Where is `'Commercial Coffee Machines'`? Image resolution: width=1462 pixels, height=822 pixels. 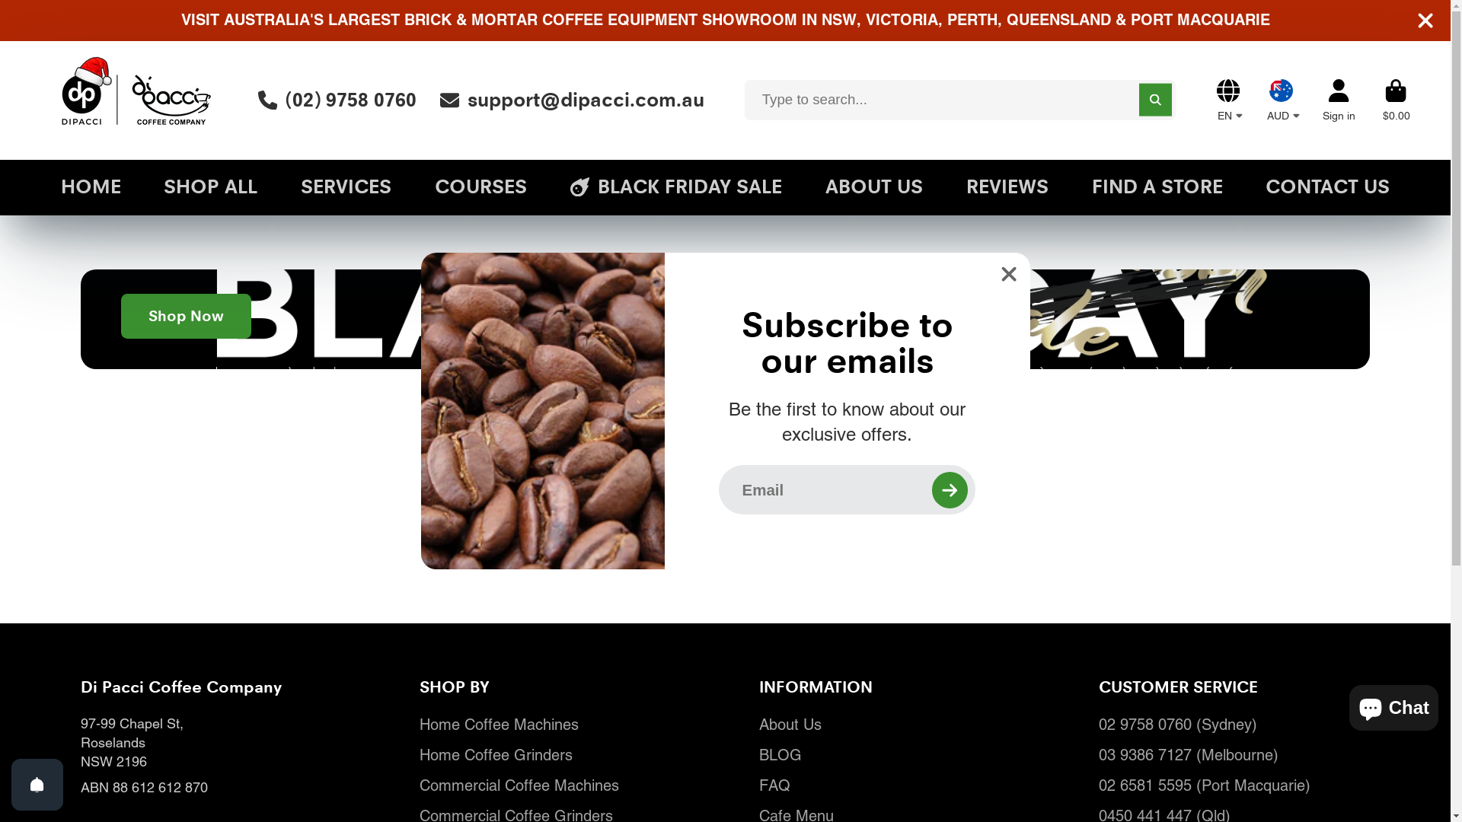
'Commercial Coffee Machines' is located at coordinates (554, 785).